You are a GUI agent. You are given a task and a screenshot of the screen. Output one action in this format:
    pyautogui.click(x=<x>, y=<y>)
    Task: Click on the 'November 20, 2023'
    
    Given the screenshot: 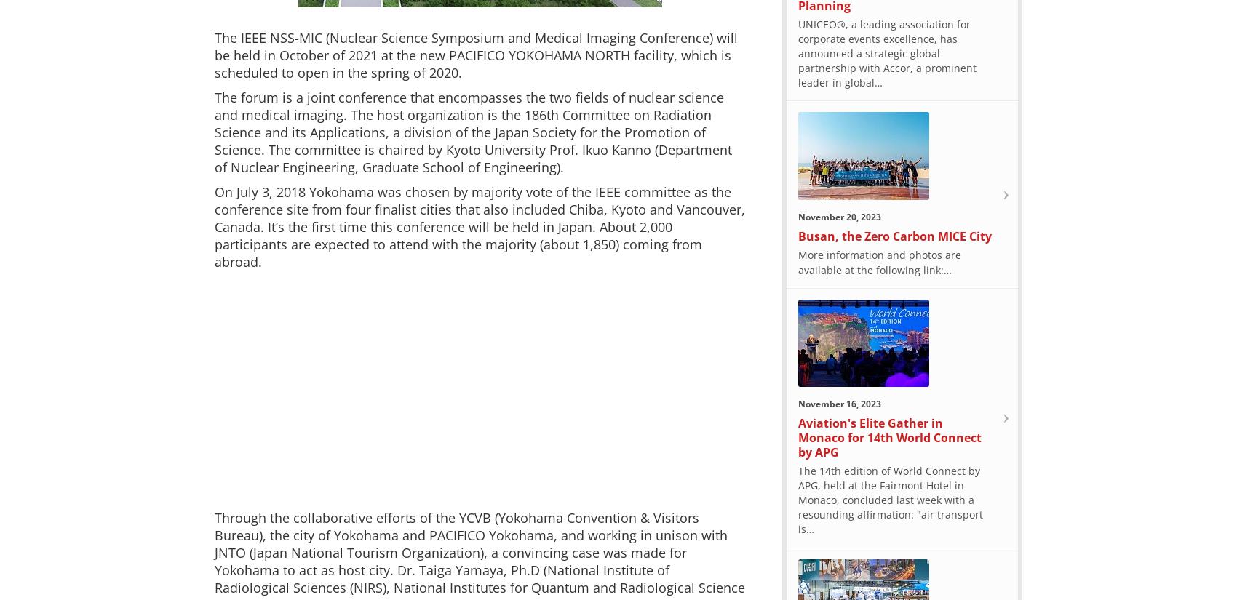 What is the action you would take?
    pyautogui.click(x=839, y=217)
    